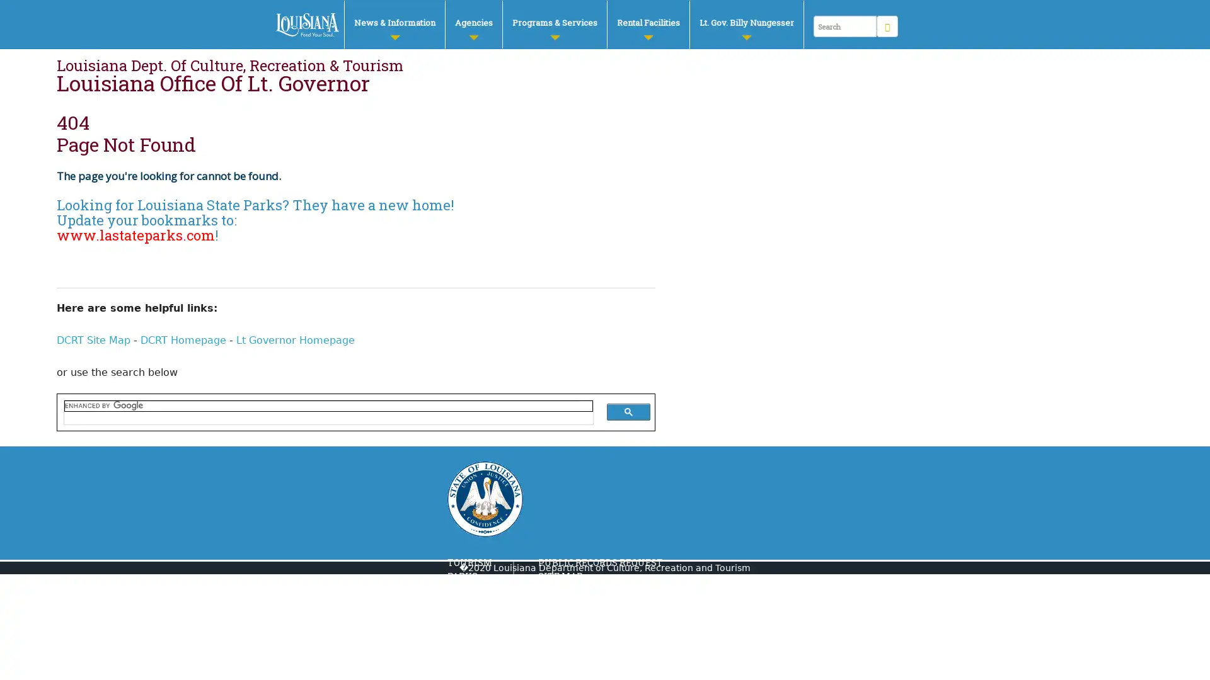  Describe the element at coordinates (393, 24) in the screenshot. I see `News & Information` at that location.